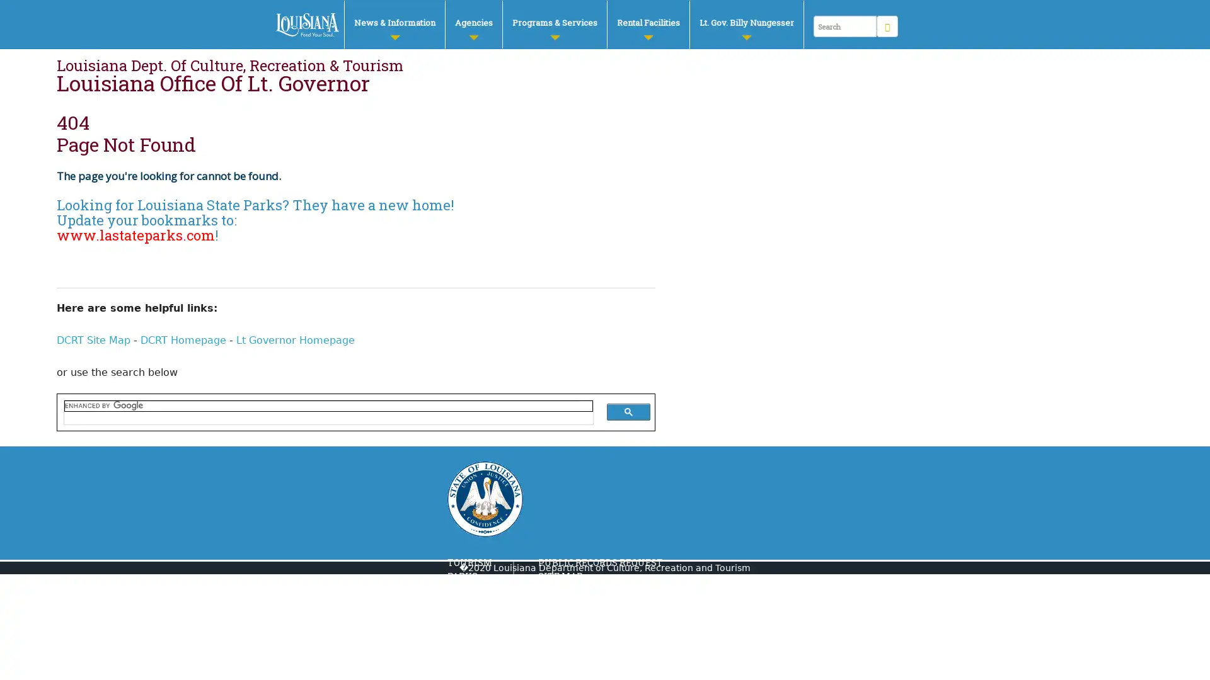  Describe the element at coordinates (393, 24) in the screenshot. I see `News & Information` at that location.